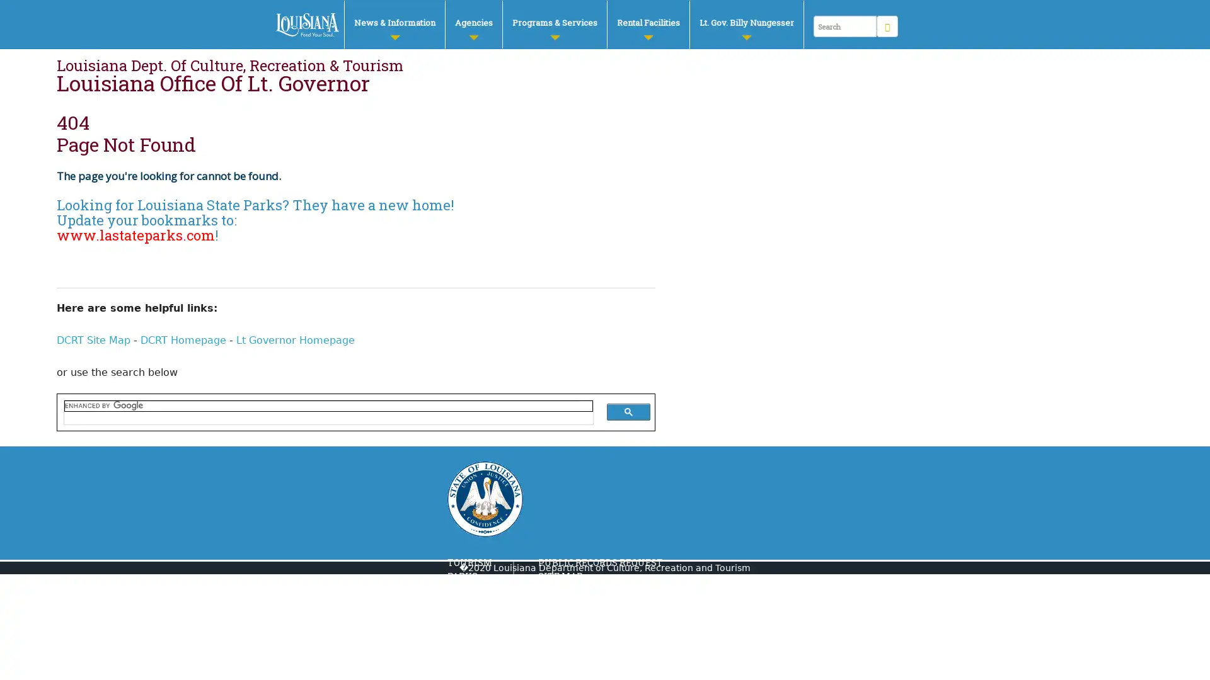  Describe the element at coordinates (393, 24) in the screenshot. I see `News & Information` at that location.